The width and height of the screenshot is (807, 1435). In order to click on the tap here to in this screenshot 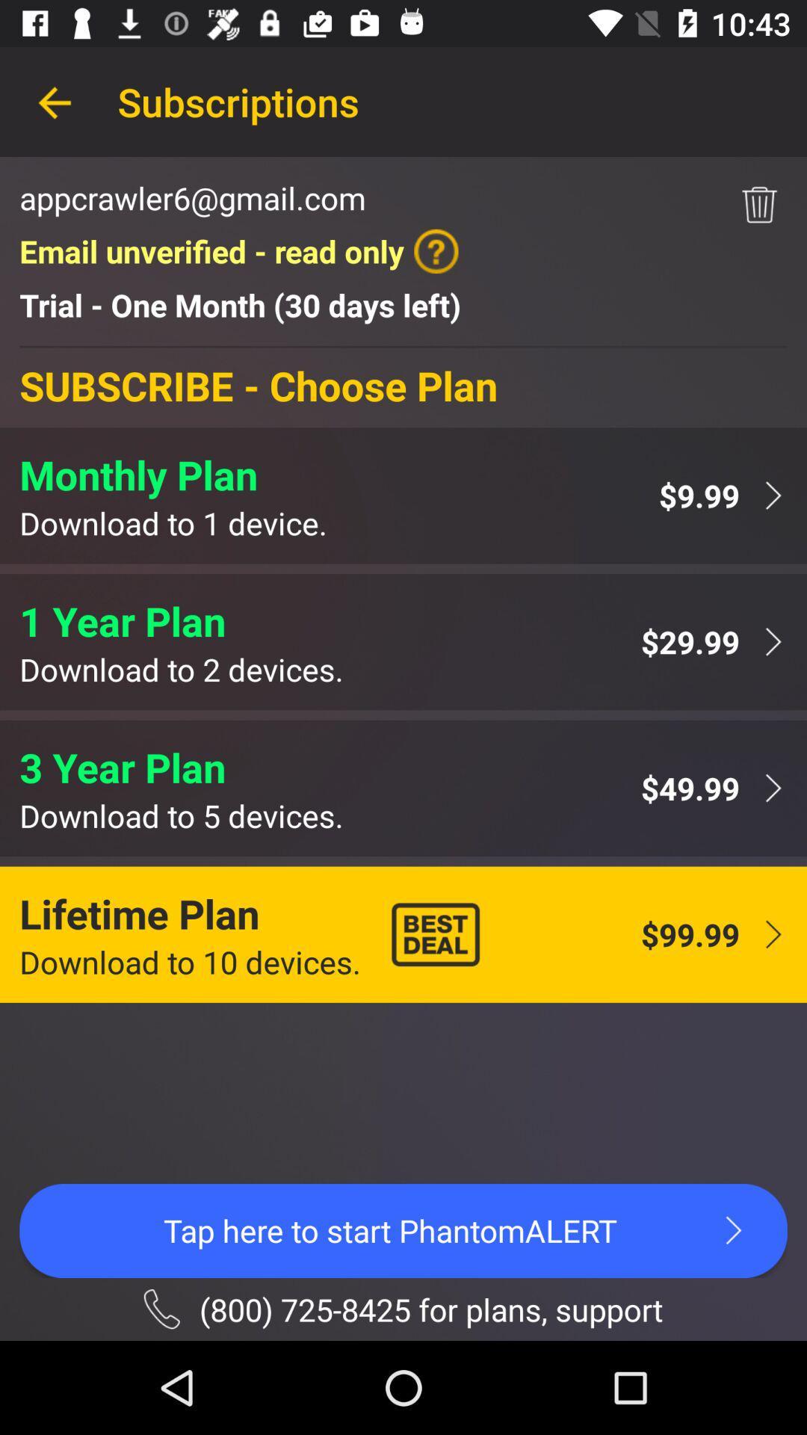, I will do `click(403, 1230)`.